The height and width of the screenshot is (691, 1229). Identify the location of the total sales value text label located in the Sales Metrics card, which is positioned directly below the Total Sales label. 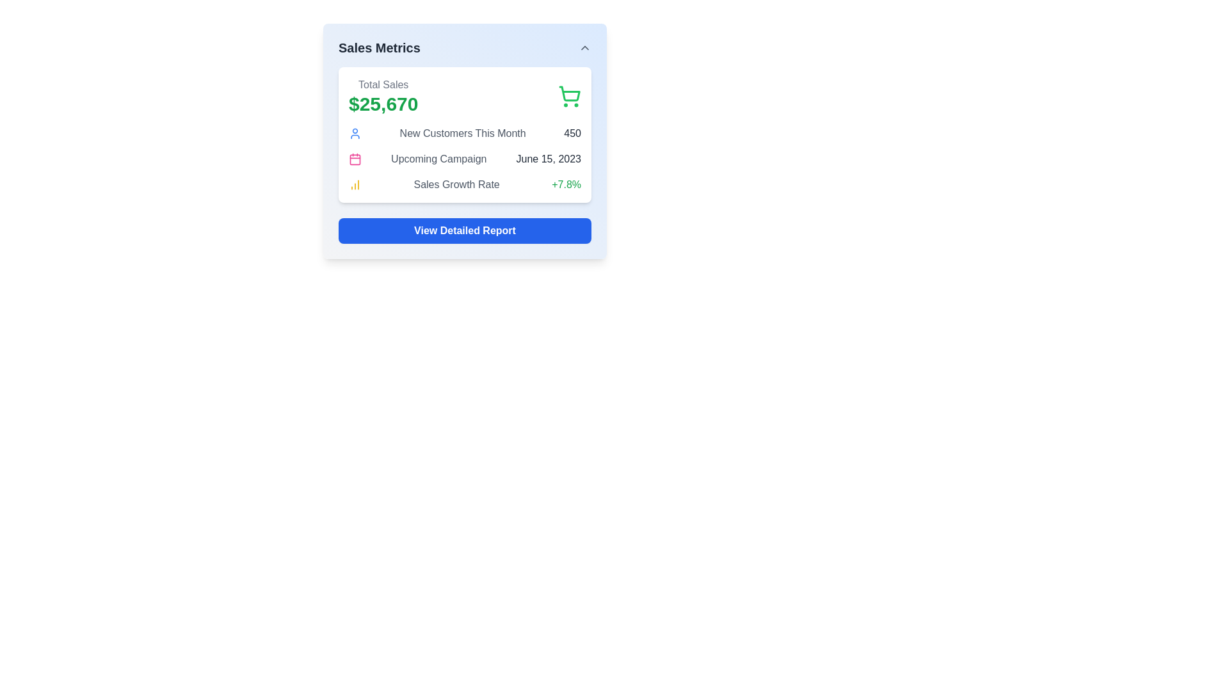
(383, 103).